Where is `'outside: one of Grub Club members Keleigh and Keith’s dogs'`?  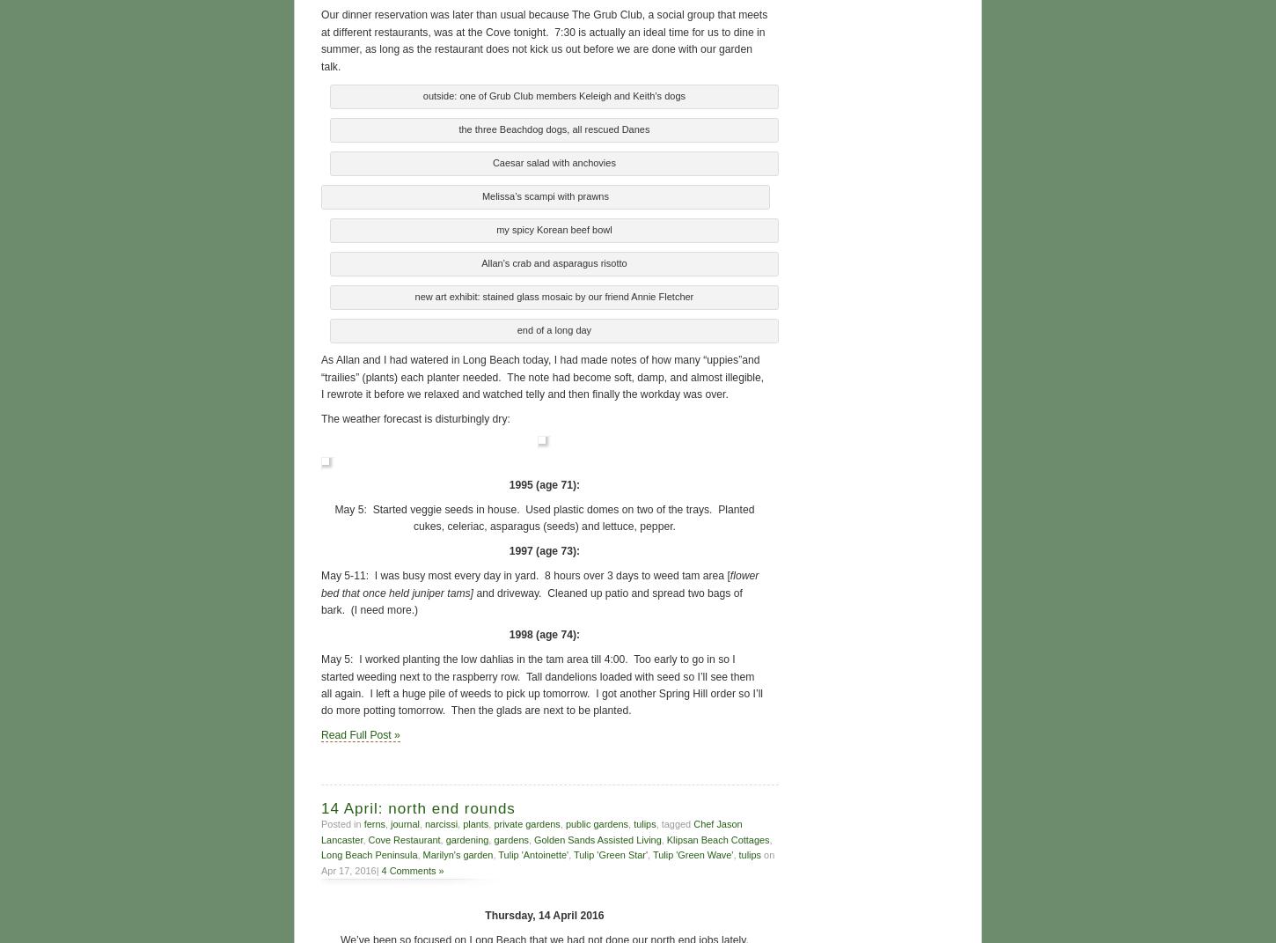 'outside: one of Grub Club members Keleigh and Keith’s dogs' is located at coordinates (553, 93).